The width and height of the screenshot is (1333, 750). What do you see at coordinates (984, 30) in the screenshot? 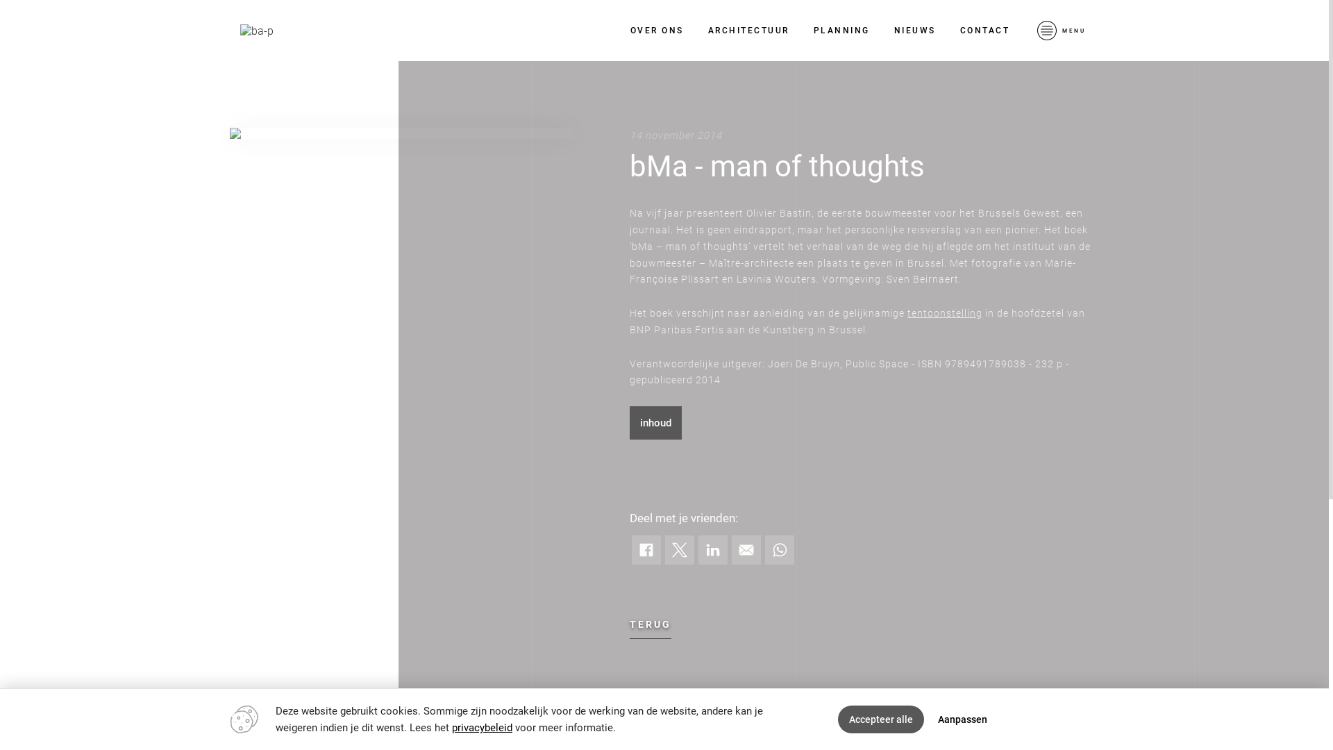
I see `'CONTACT'` at bounding box center [984, 30].